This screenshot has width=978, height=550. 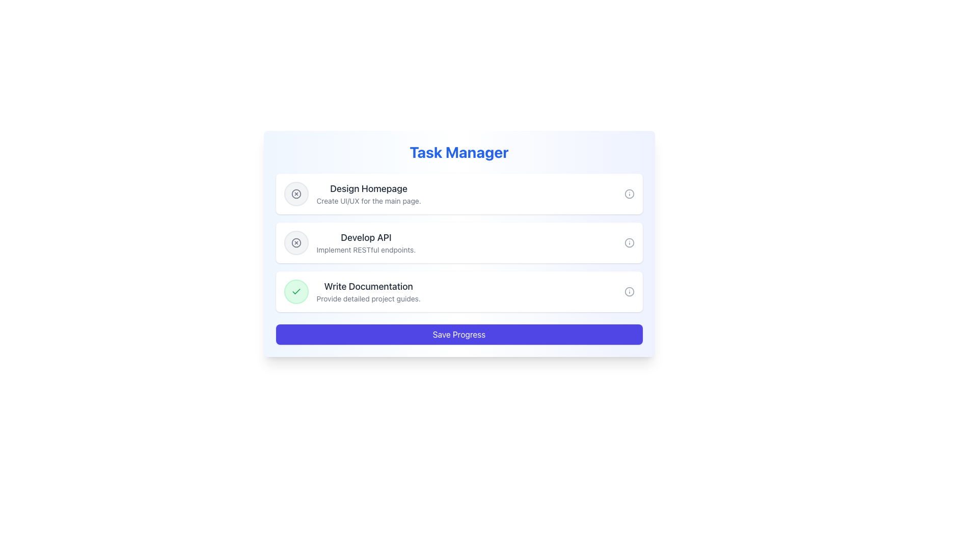 I want to click on the 'Write Documentation' Task Item Display which features a green circular checkmark icon and two lines of text, so click(x=352, y=292).